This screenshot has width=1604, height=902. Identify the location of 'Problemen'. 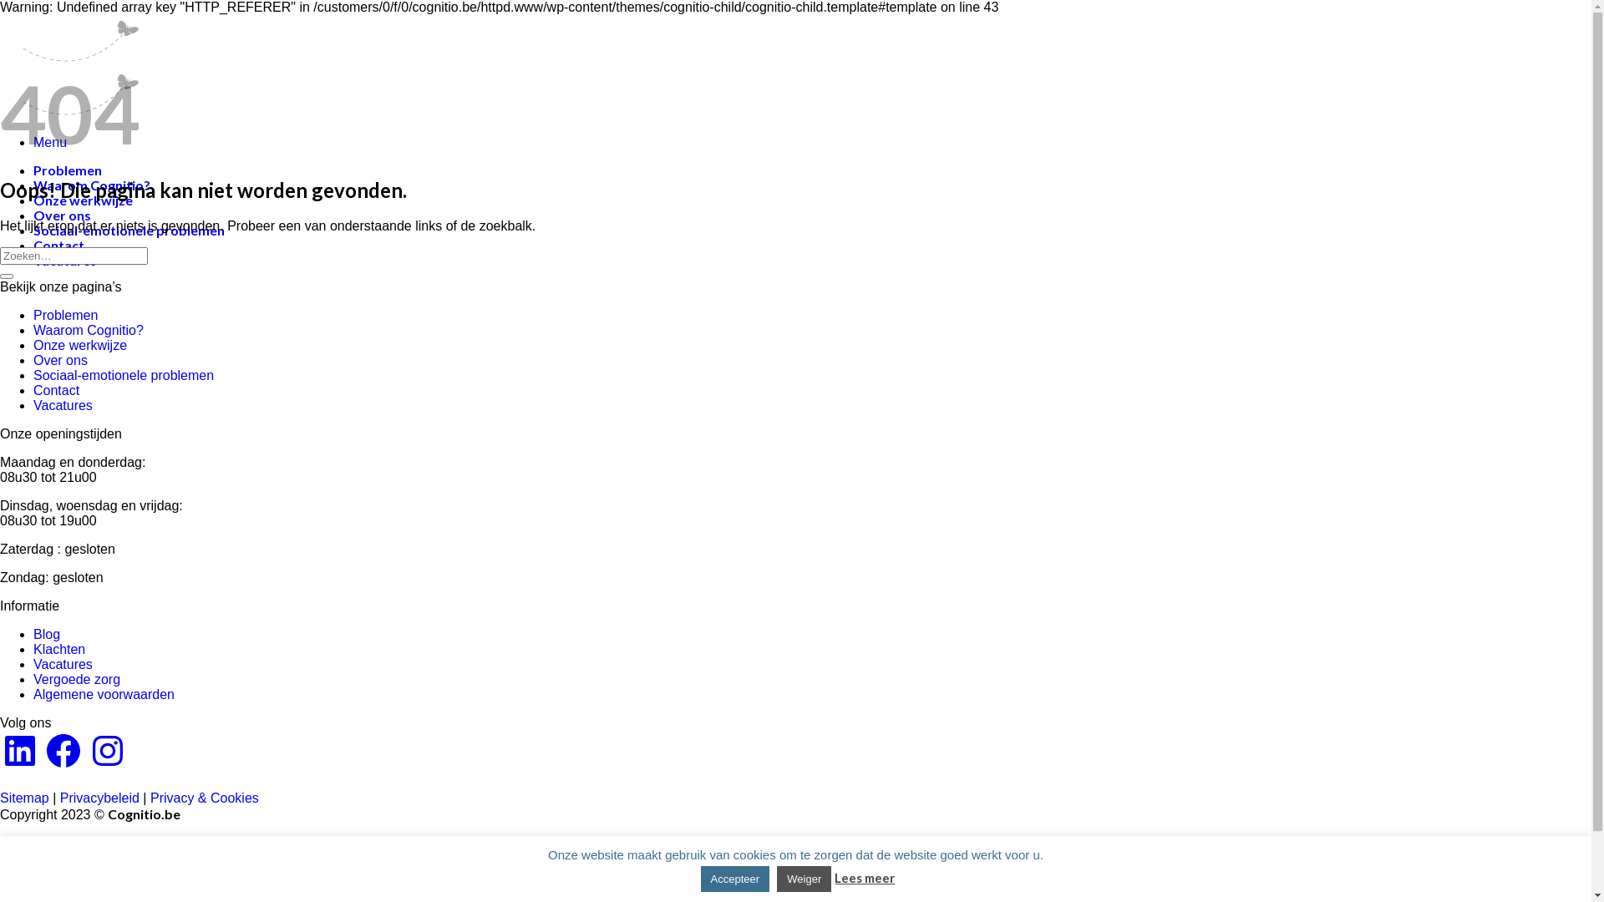
(33, 170).